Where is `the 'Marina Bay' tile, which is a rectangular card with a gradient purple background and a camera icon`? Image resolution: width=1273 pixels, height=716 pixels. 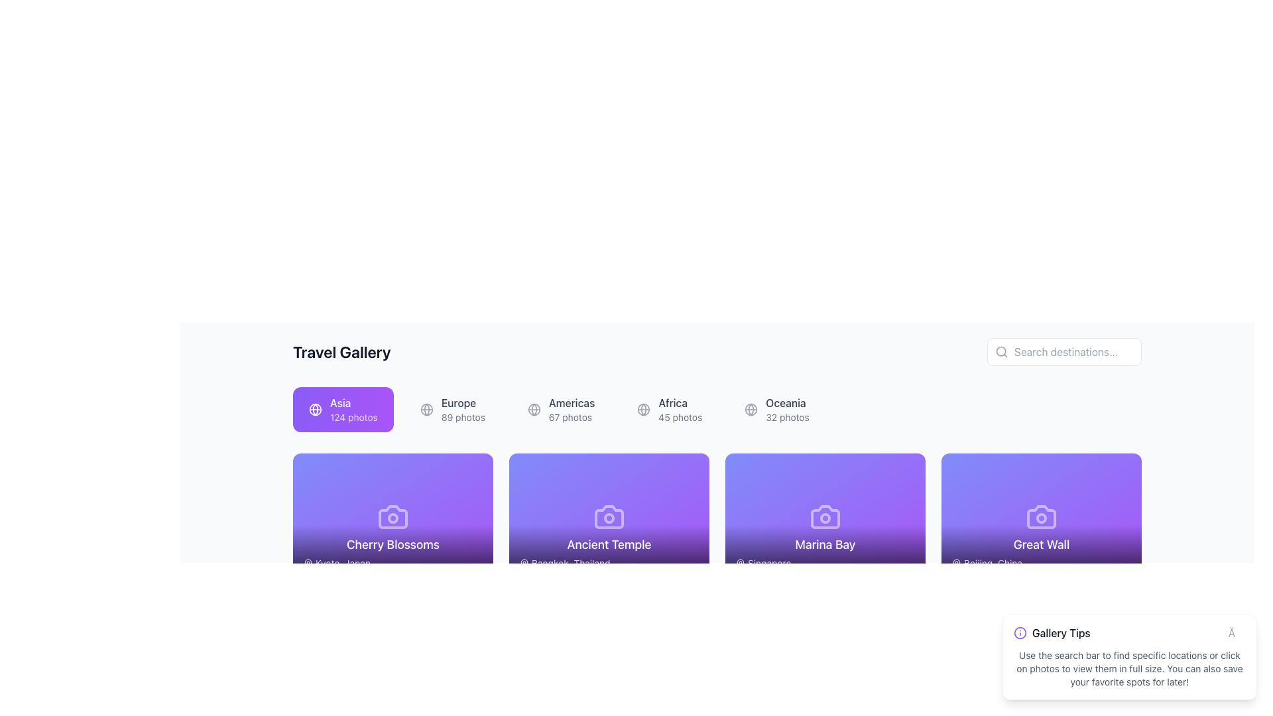 the 'Marina Bay' tile, which is a rectangular card with a gradient purple background and a camera icon is located at coordinates (824, 516).